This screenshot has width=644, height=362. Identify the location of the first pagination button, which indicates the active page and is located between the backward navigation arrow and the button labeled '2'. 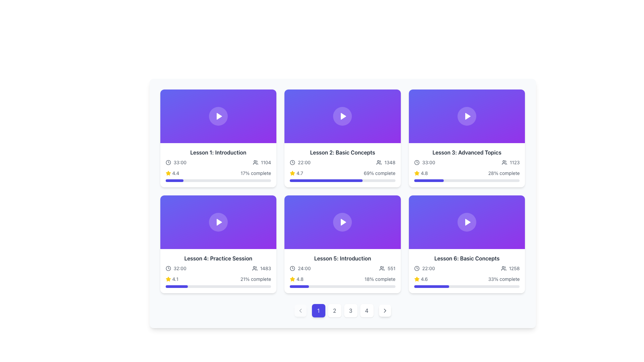
(318, 310).